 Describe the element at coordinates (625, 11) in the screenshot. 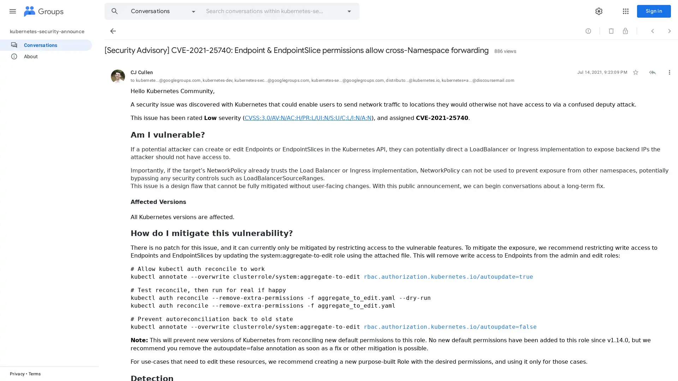

I see `Google apps` at that location.